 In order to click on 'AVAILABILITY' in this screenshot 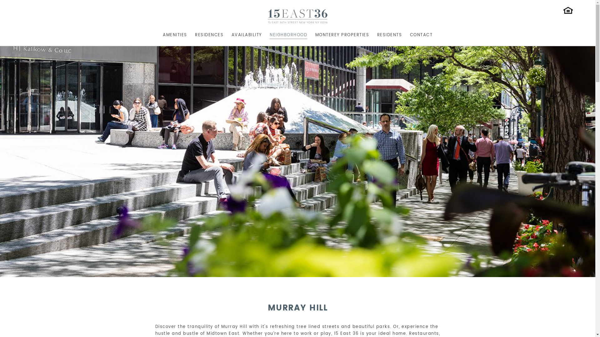, I will do `click(246, 34)`.